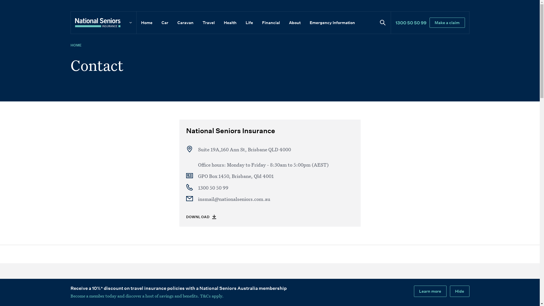 The height and width of the screenshot is (306, 544). I want to click on 'Hide', so click(460, 291).